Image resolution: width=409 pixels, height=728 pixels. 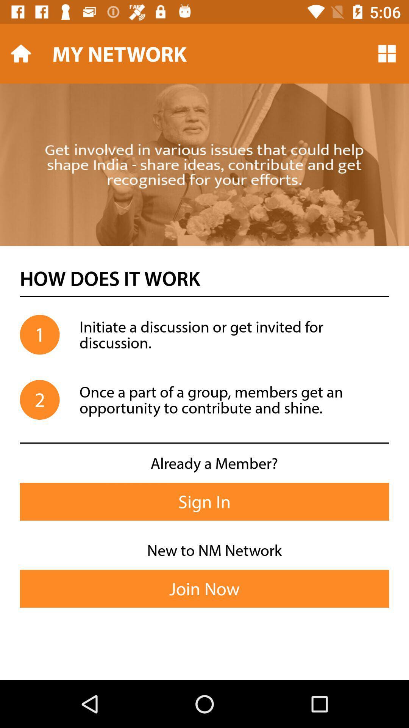 What do you see at coordinates (204, 502) in the screenshot?
I see `the icon below already a member?` at bounding box center [204, 502].